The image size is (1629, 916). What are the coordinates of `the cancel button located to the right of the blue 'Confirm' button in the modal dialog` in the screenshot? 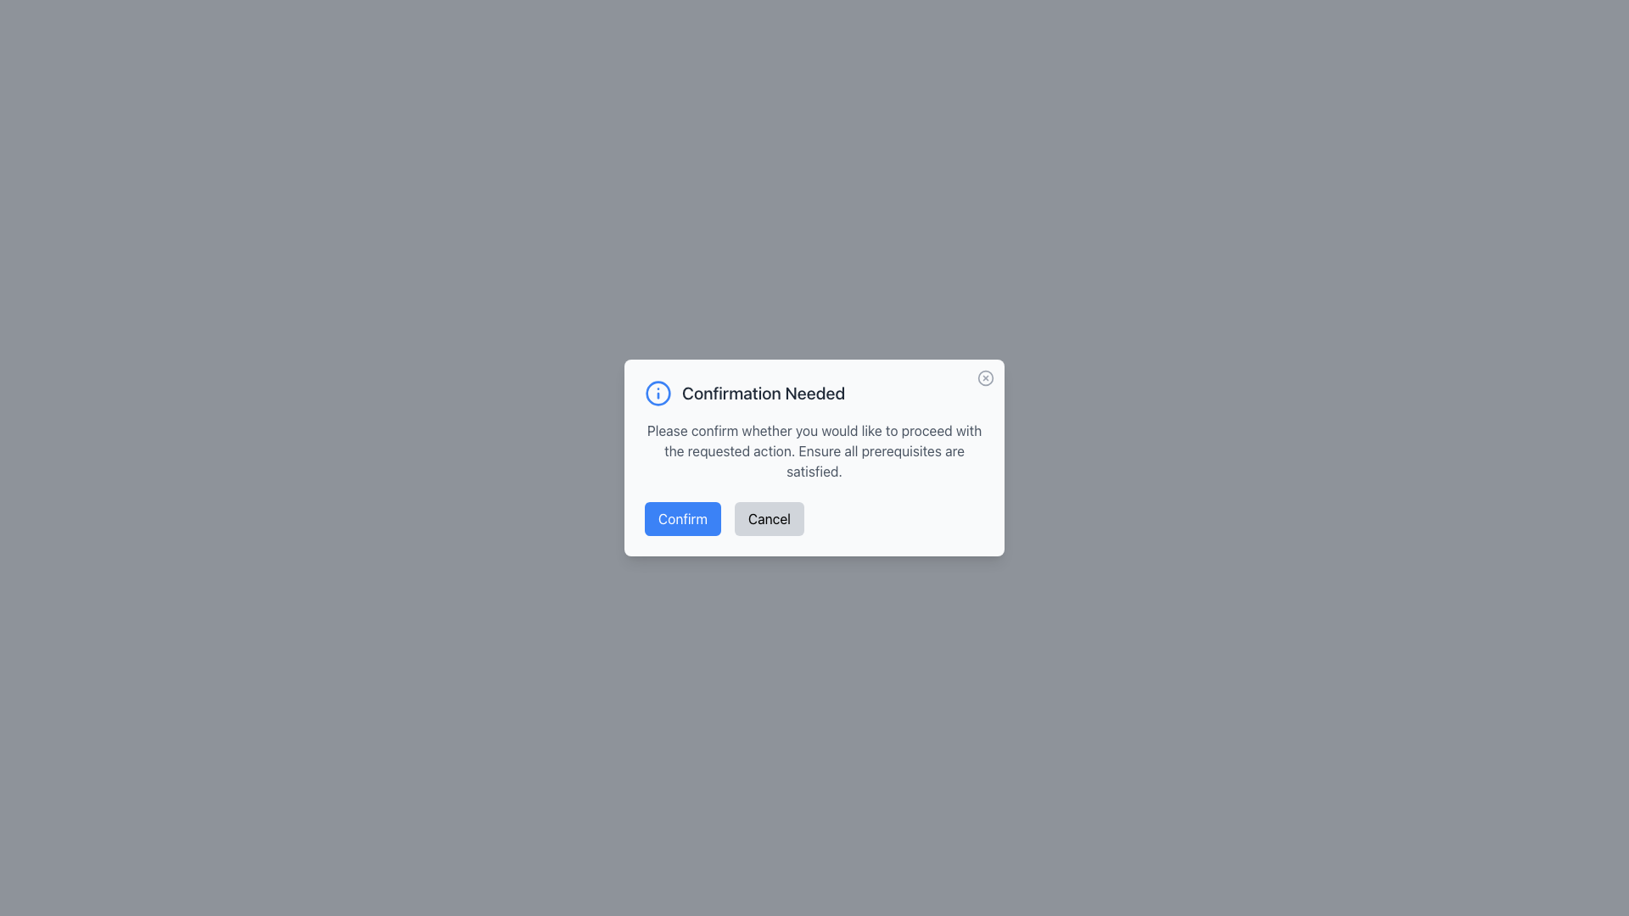 It's located at (768, 518).